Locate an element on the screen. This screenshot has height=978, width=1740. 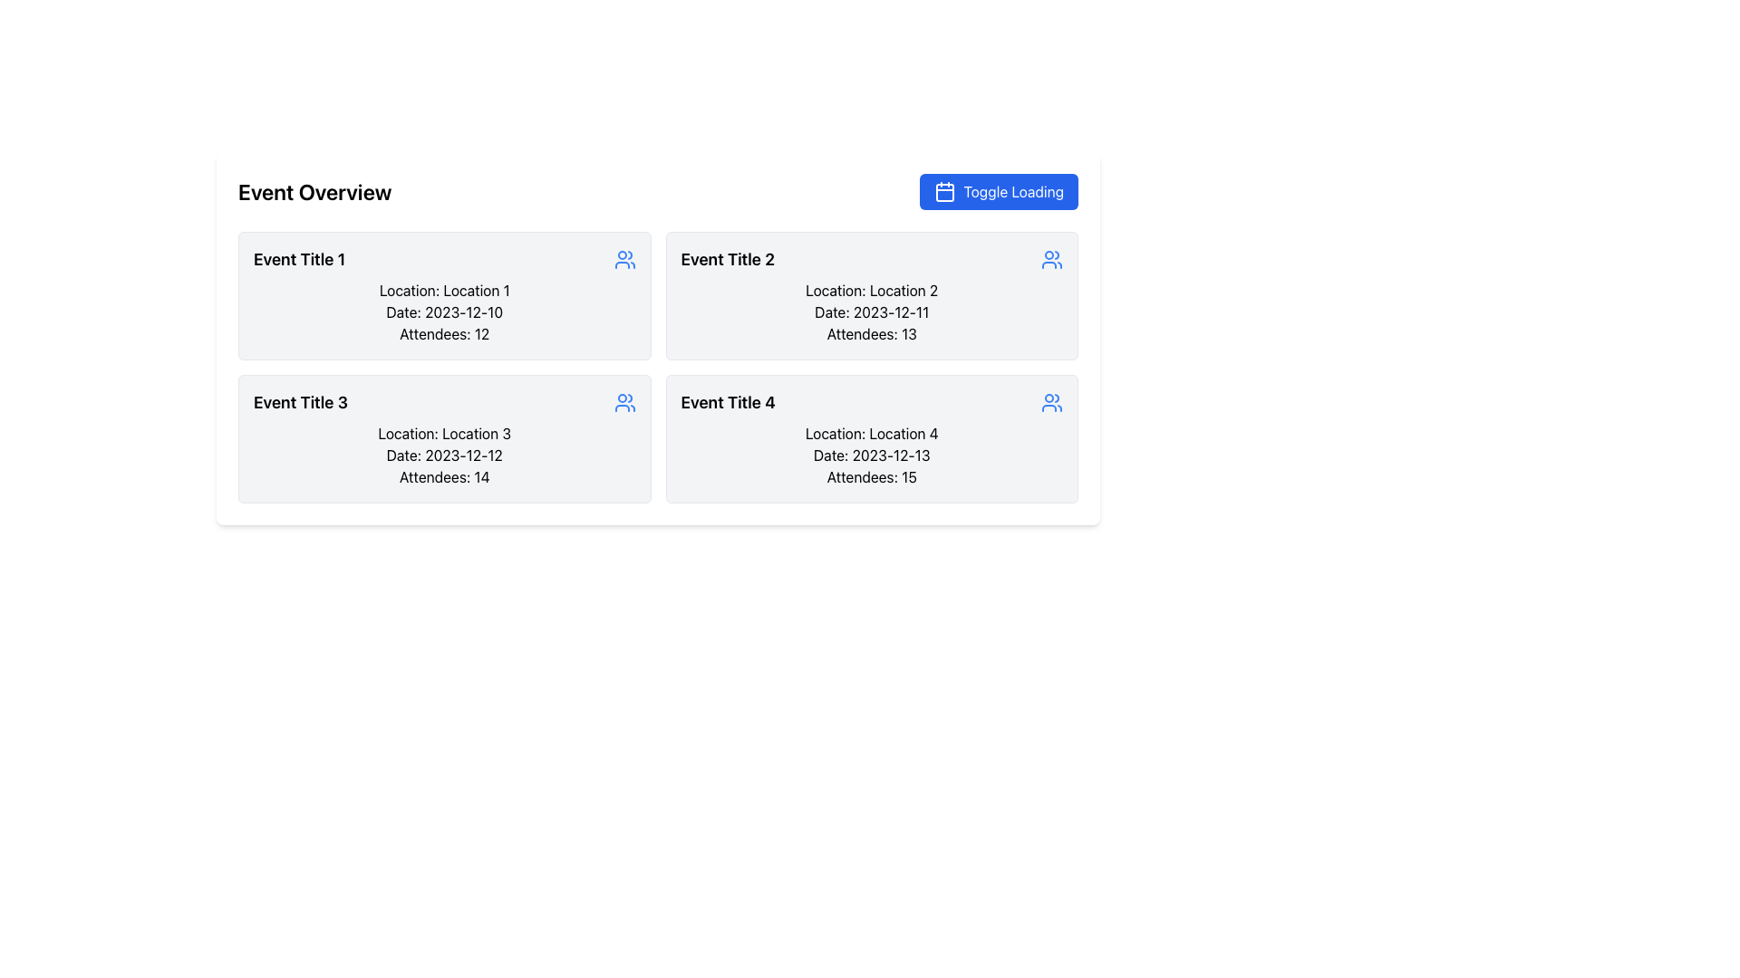
the text label that informs the user about the number of attendees for 'Event Title 3' is located at coordinates (444, 476).